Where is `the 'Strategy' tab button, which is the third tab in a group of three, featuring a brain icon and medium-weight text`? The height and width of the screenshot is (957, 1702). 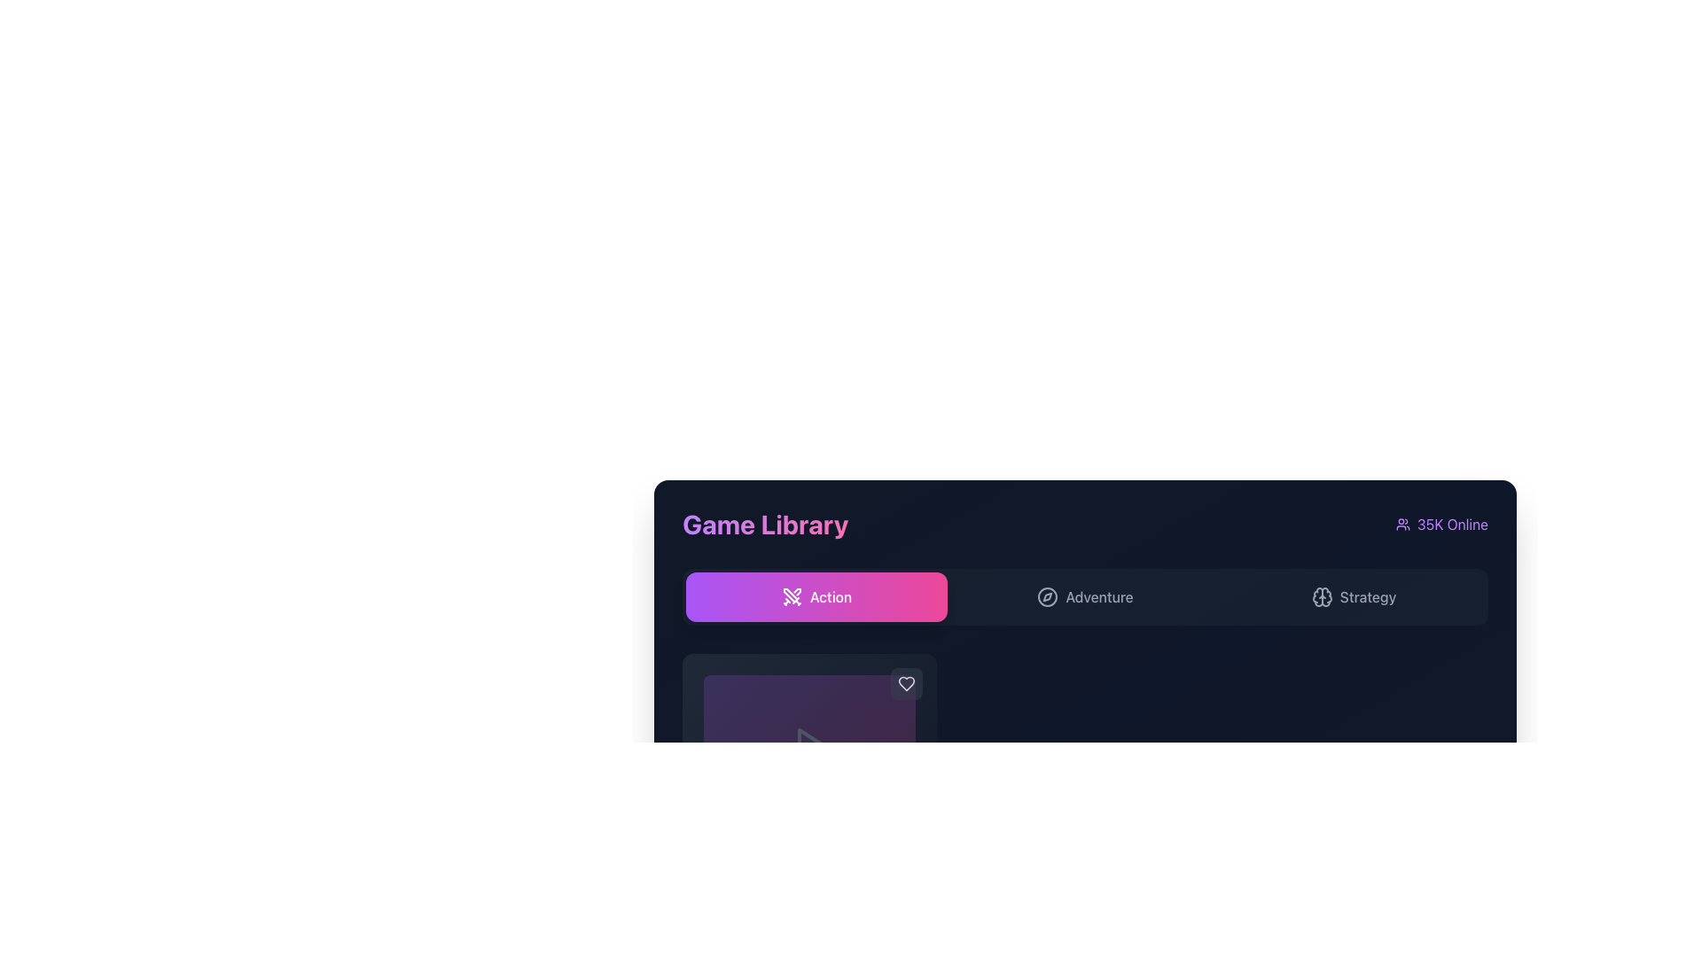
the 'Strategy' tab button, which is the third tab in a group of three, featuring a brain icon and medium-weight text is located at coordinates (1353, 597).